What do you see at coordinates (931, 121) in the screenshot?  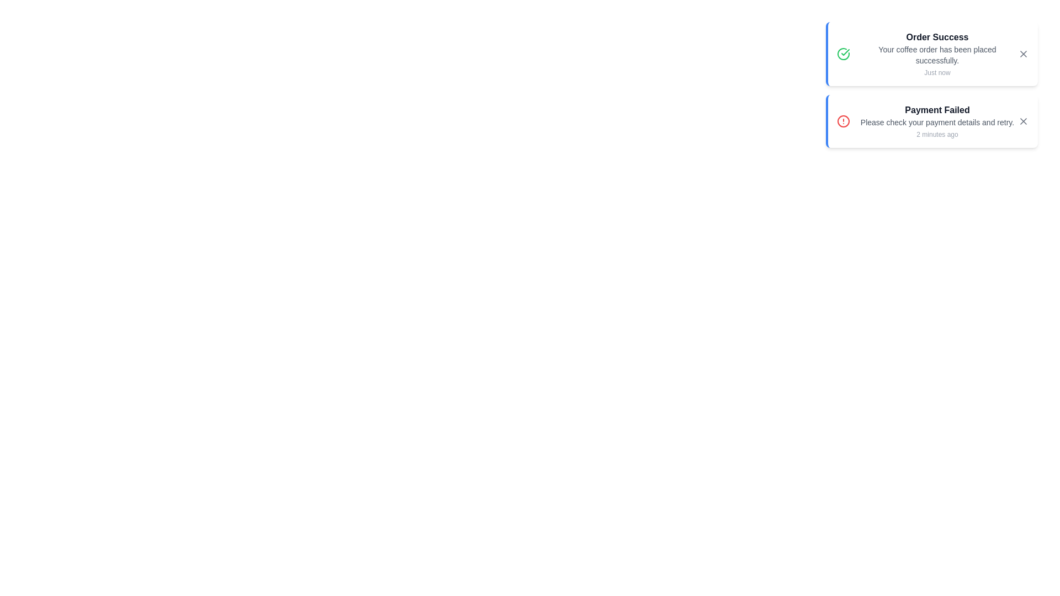 I see `the notification item Payment Failed` at bounding box center [931, 121].